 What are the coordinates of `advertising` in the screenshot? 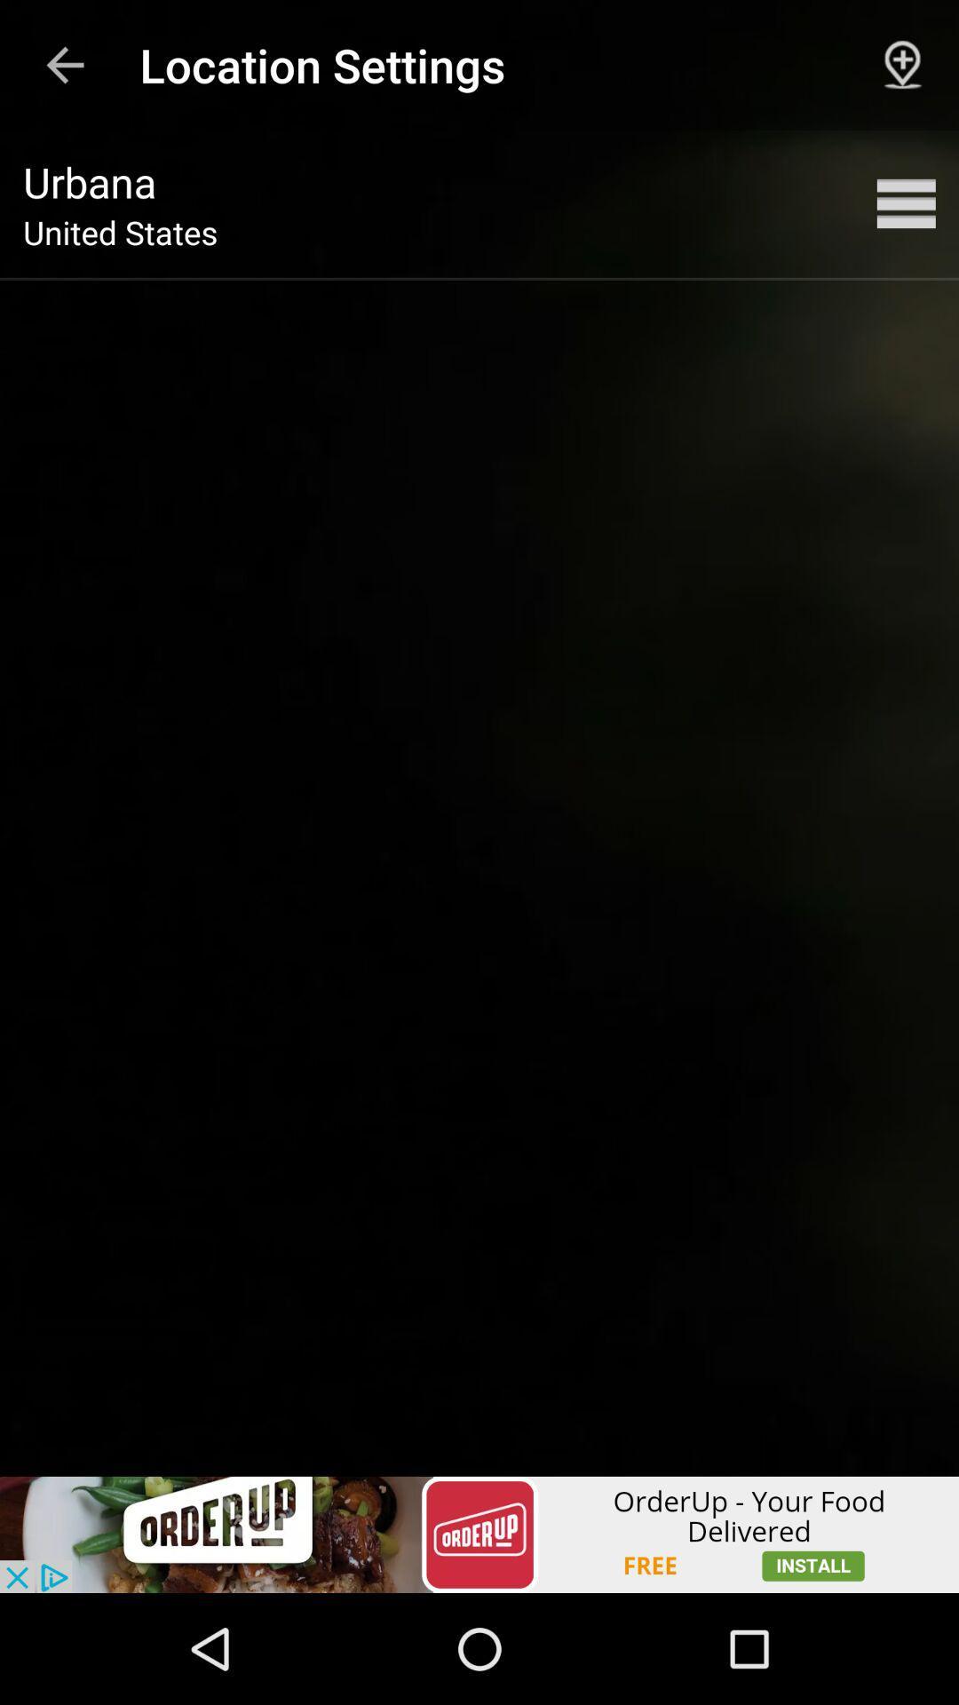 It's located at (479, 1534).